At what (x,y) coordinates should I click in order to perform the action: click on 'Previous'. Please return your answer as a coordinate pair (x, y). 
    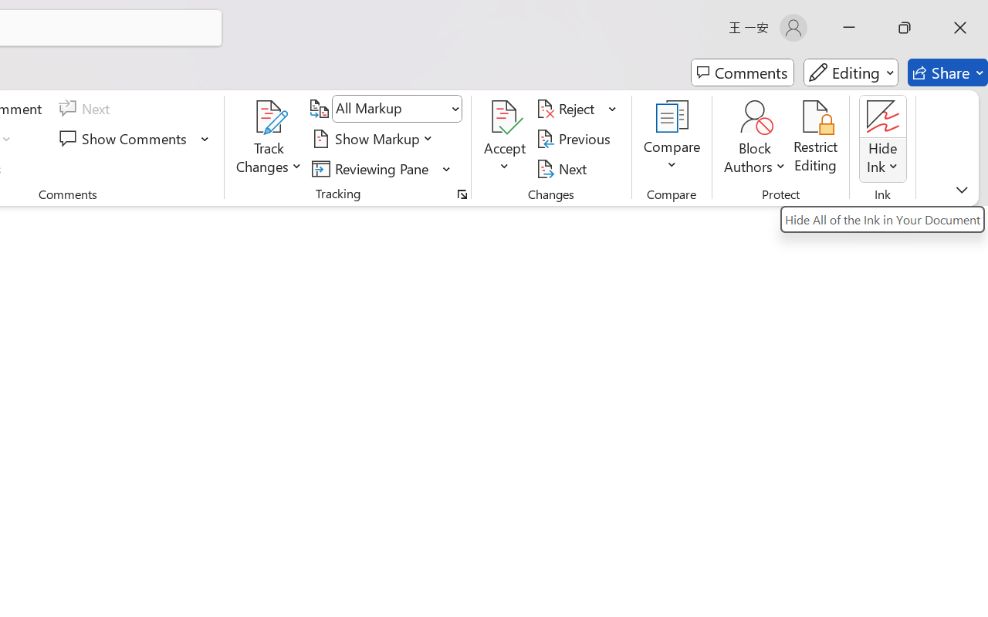
    Looking at the image, I should click on (575, 138).